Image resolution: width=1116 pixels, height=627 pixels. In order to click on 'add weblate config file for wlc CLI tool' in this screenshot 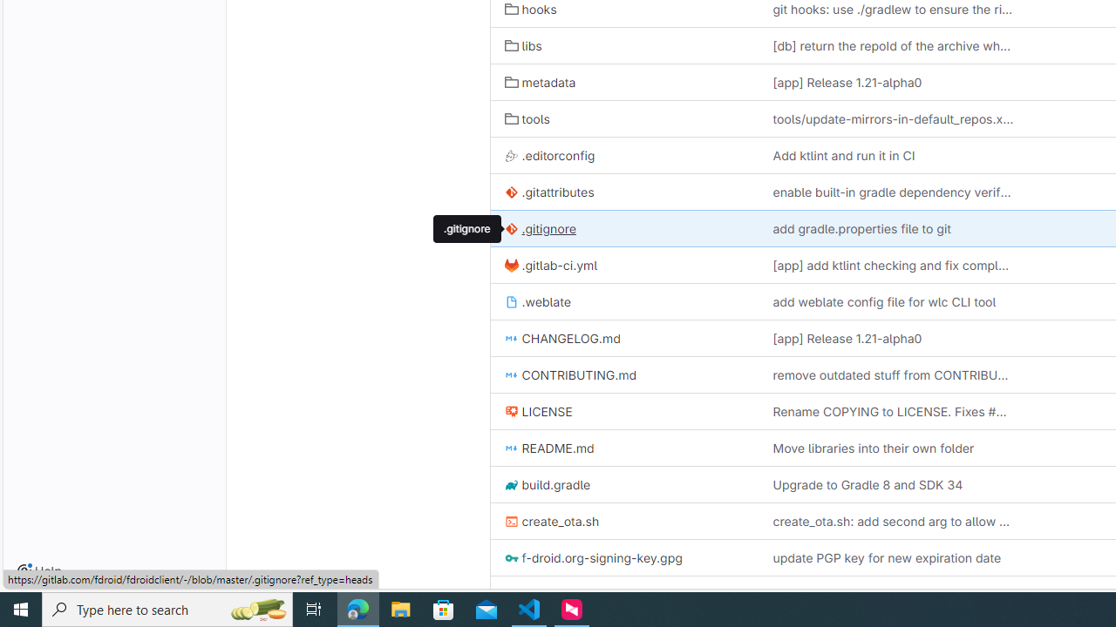, I will do `click(893, 300)`.